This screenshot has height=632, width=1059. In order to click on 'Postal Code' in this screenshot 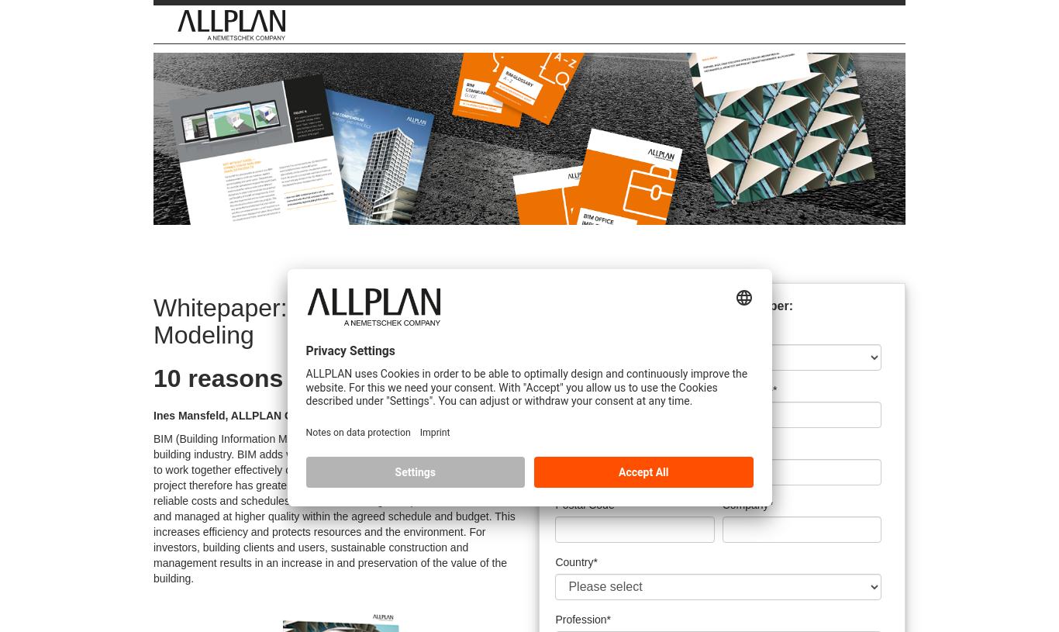, I will do `click(585, 502)`.